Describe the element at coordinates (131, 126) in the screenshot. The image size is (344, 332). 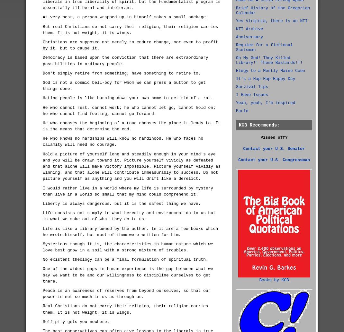
I see `'He who chooses the beginning of a road chooses the place it leads to. It 
      is the means that determine the end.'` at that location.